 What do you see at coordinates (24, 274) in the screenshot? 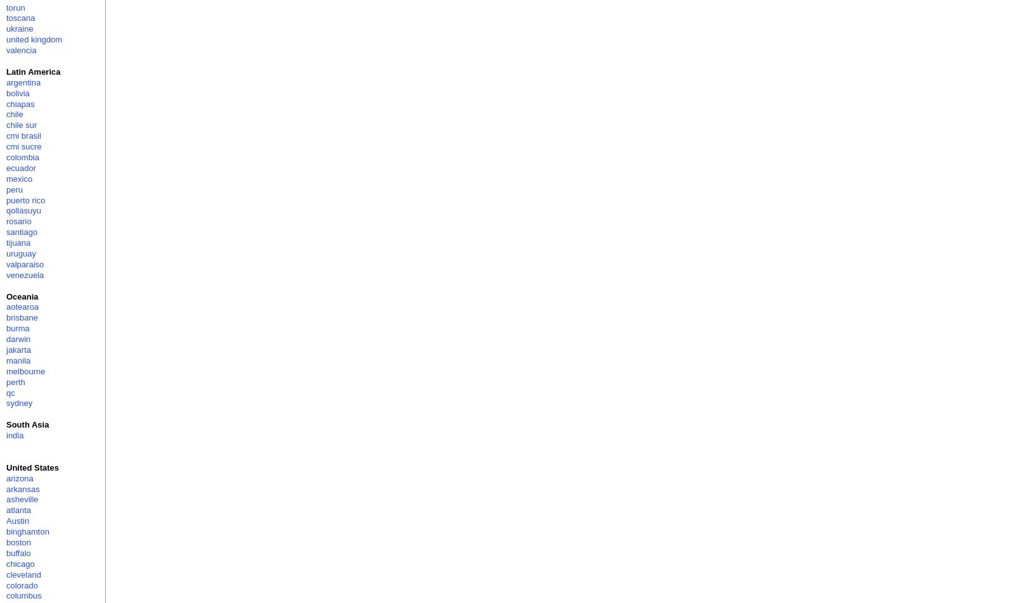
I see `'venezuela'` at bounding box center [24, 274].